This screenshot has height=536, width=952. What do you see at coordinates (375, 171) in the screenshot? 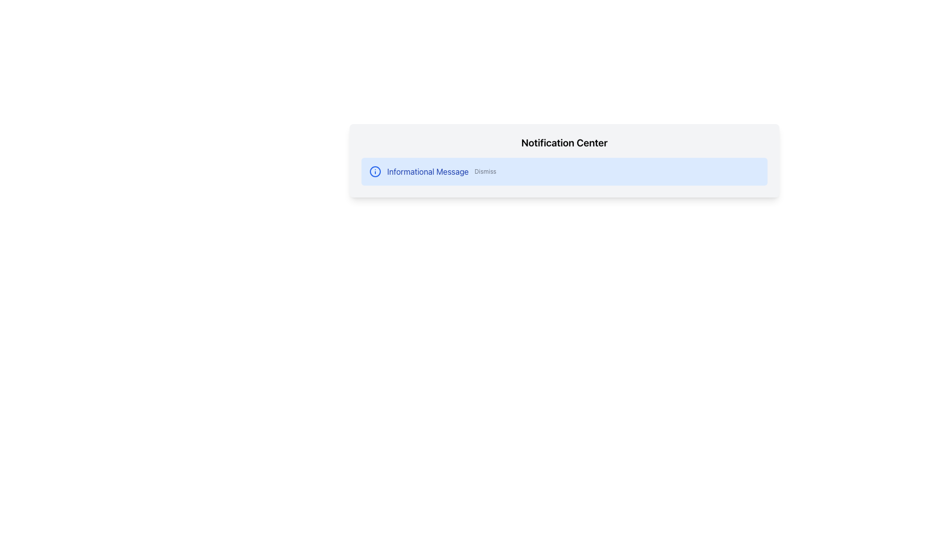
I see `the informational notification icon located at the beginning of the message box, positioned to the left of the text 'Informational Message' and 'Dismiss'` at bounding box center [375, 171].